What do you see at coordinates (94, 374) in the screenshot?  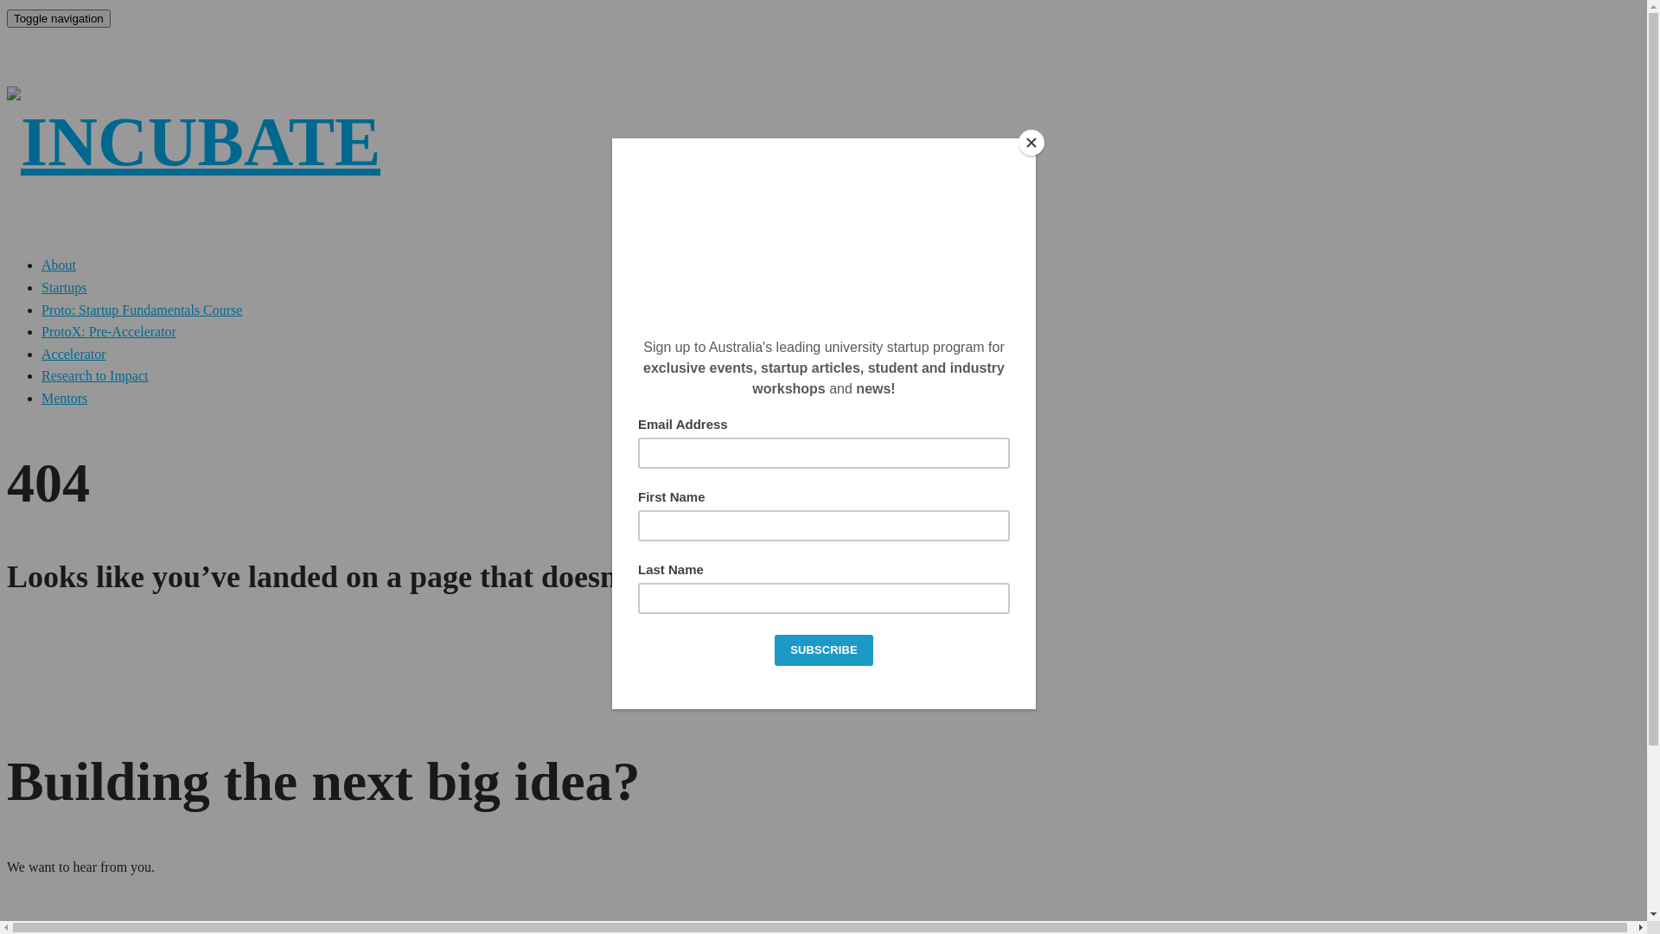 I see `'Research to Impact'` at bounding box center [94, 374].